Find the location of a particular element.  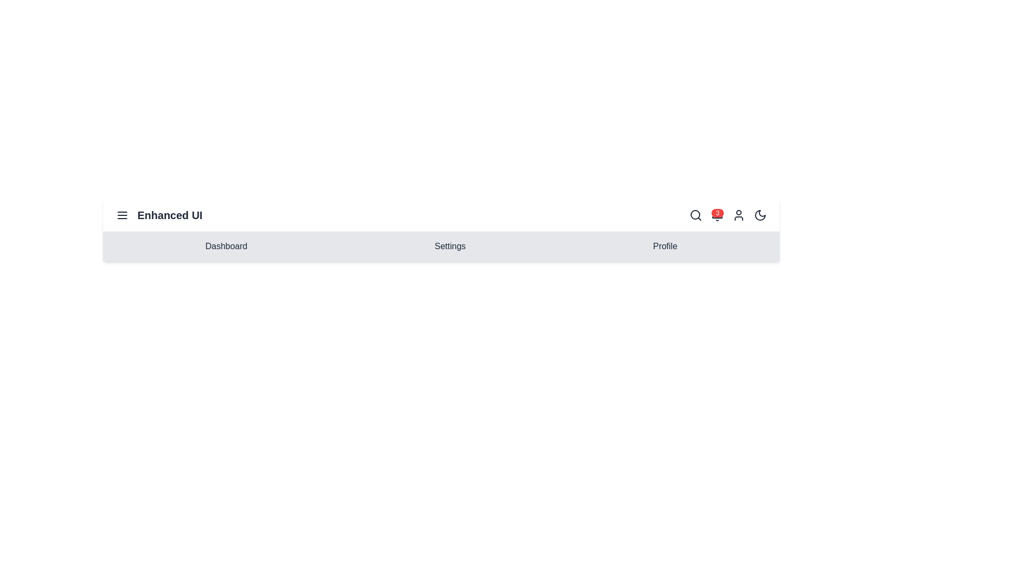

the user profile icon to open the profile menu is located at coordinates (738, 215).